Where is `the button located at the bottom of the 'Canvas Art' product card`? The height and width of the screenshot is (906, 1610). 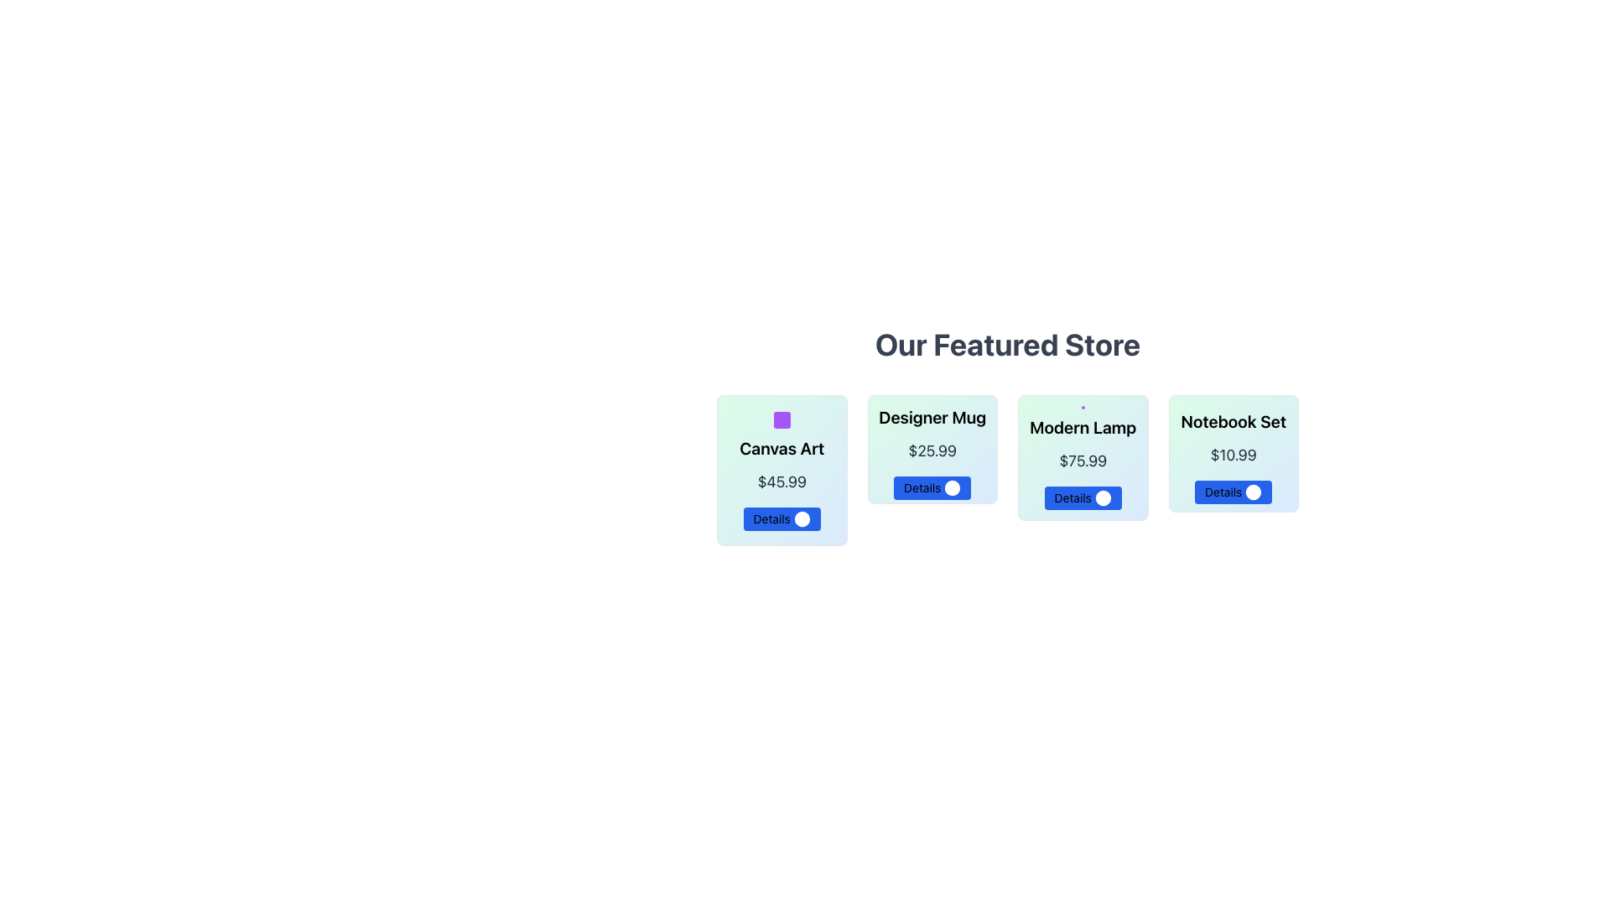
the button located at the bottom of the 'Canvas Art' product card is located at coordinates (781, 518).